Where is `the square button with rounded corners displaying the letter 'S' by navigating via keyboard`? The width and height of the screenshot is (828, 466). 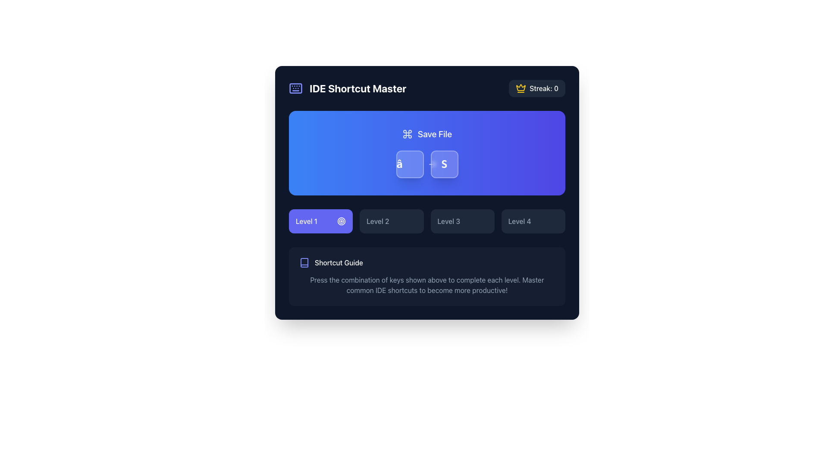
the square button with rounded corners displaying the letter 'S' by navigating via keyboard is located at coordinates (444, 164).